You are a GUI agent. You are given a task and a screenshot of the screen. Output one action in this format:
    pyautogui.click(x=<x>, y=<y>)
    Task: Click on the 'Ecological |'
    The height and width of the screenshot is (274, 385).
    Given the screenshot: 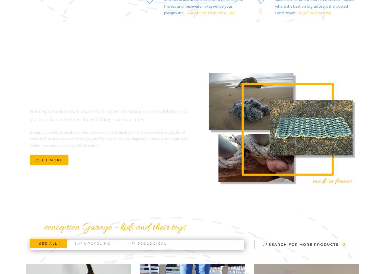 What is the action you would take?
    pyautogui.click(x=153, y=243)
    